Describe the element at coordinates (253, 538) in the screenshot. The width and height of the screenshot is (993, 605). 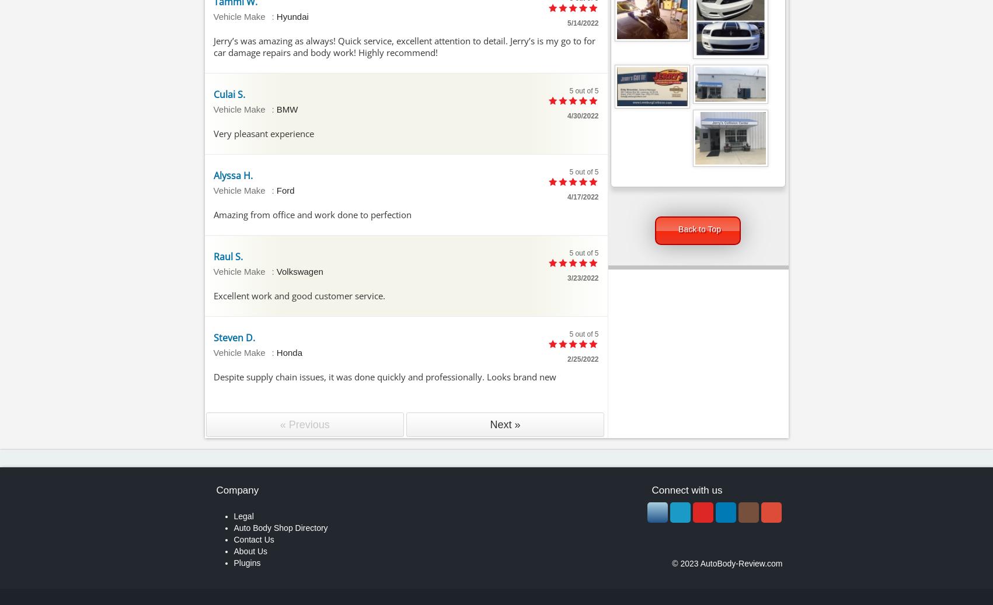
I see `'Contact Us'` at that location.